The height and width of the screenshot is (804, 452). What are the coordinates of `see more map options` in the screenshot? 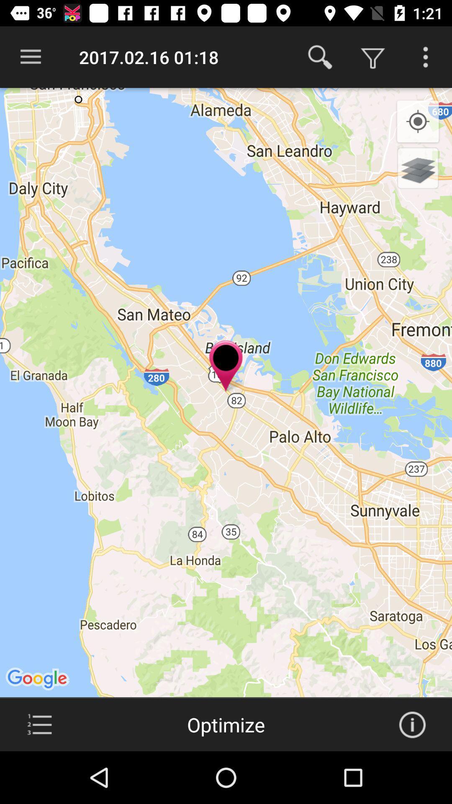 It's located at (426, 57).